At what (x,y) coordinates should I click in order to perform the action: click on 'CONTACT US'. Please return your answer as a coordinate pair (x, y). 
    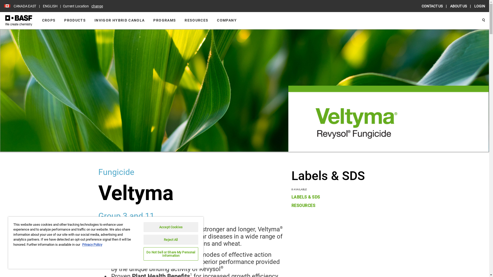
    Looking at the image, I should click on (421, 6).